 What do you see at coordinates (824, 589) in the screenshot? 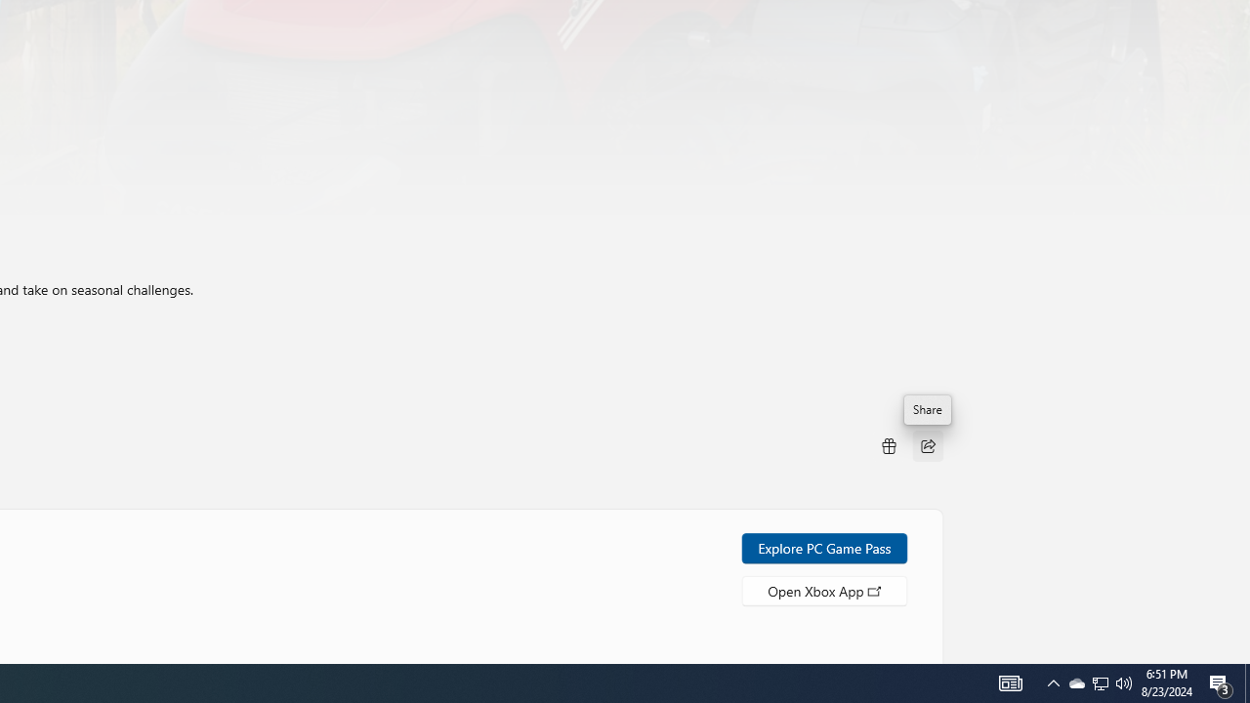
I see `'Open Xbox App'` at bounding box center [824, 589].